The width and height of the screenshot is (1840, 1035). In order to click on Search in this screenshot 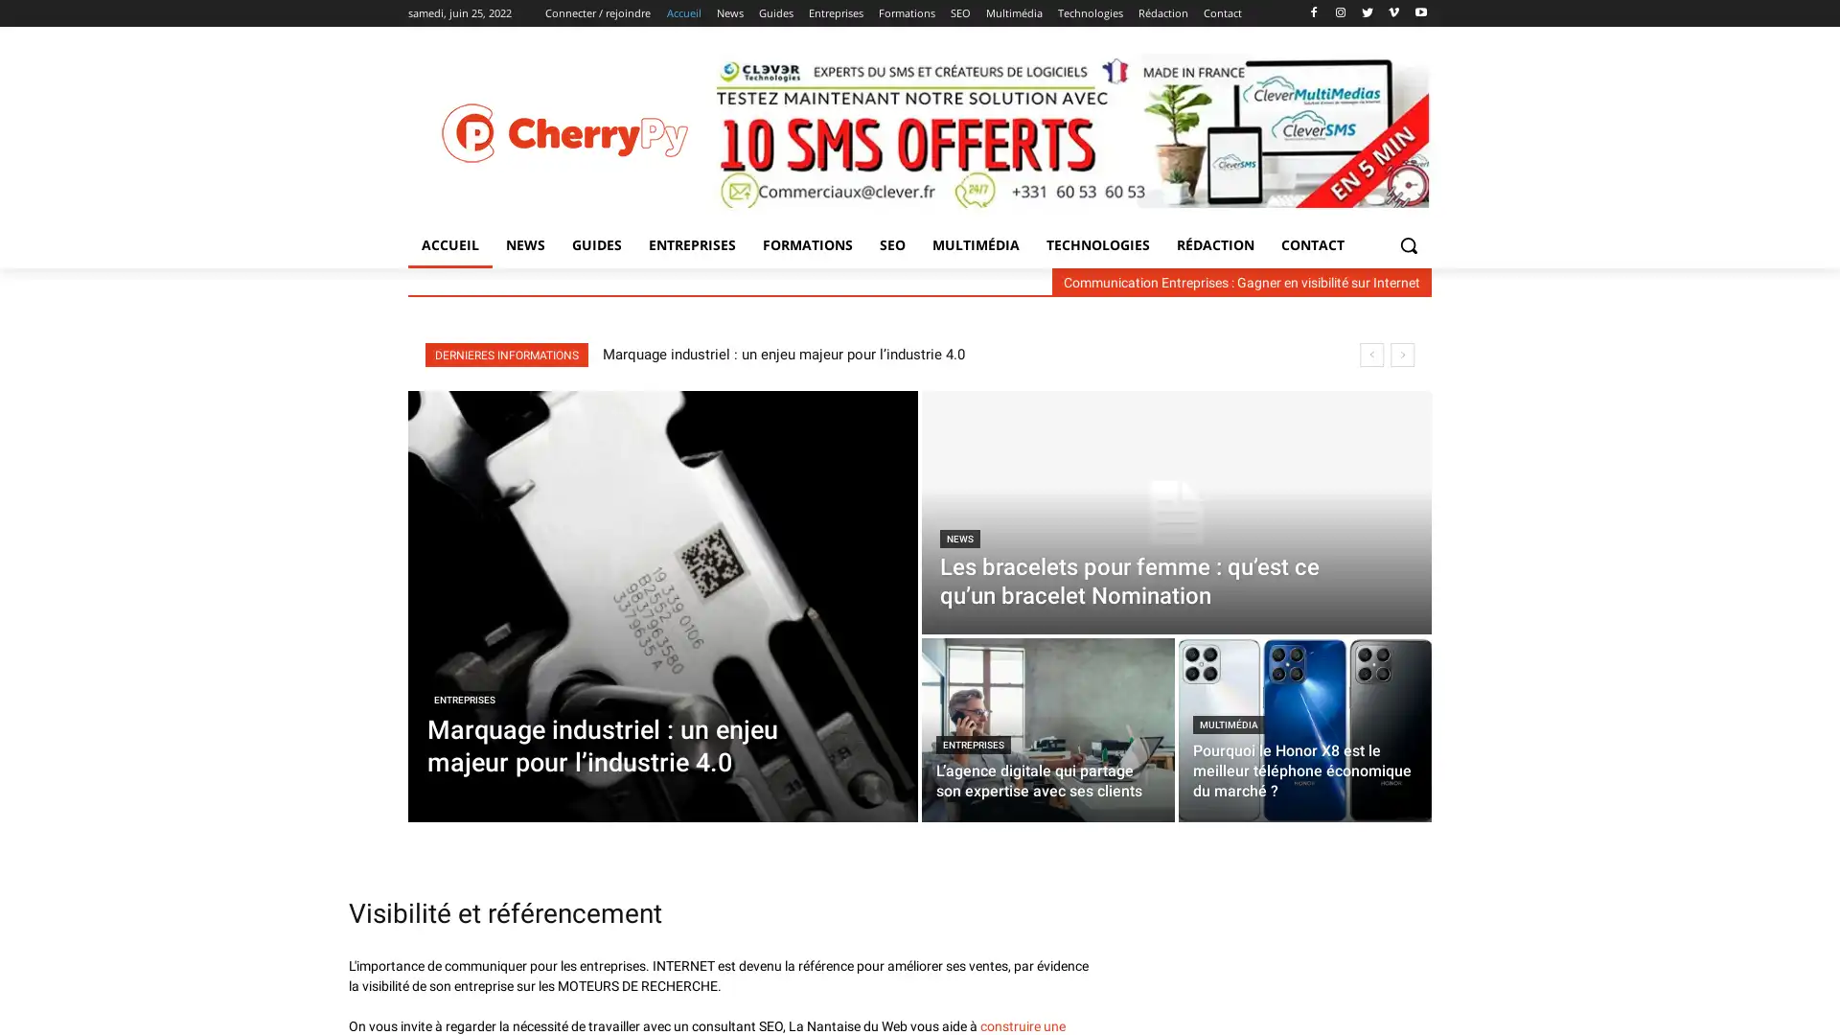, I will do `click(1408, 243)`.